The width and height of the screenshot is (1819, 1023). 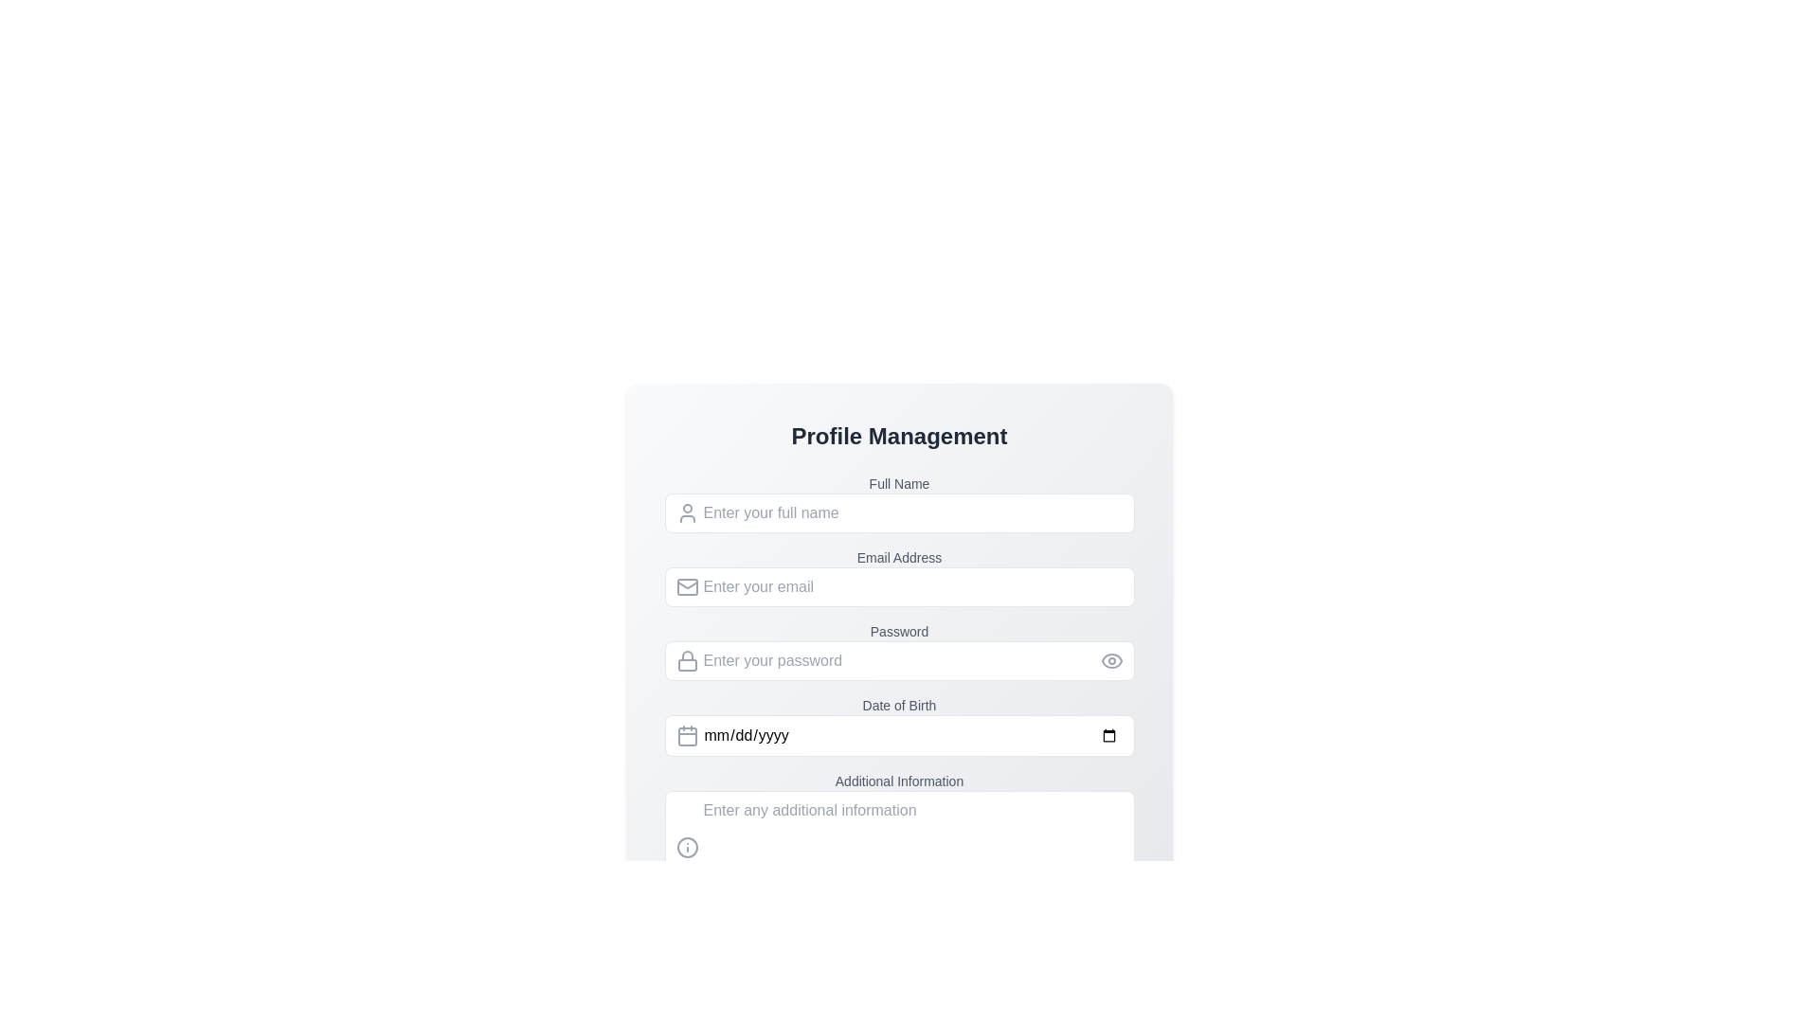 I want to click on the padlock icon located to the left of the password input field labeled 'Password', indicating the field is for entering a password, so click(x=686, y=655).